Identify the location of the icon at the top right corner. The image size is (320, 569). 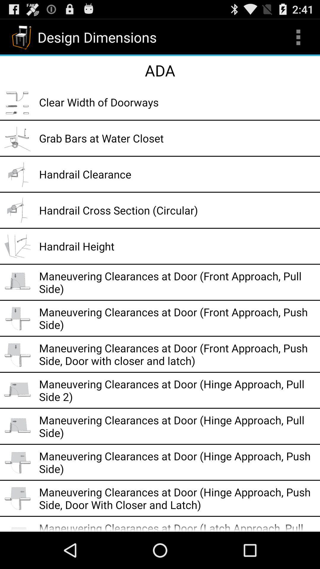
(298, 37).